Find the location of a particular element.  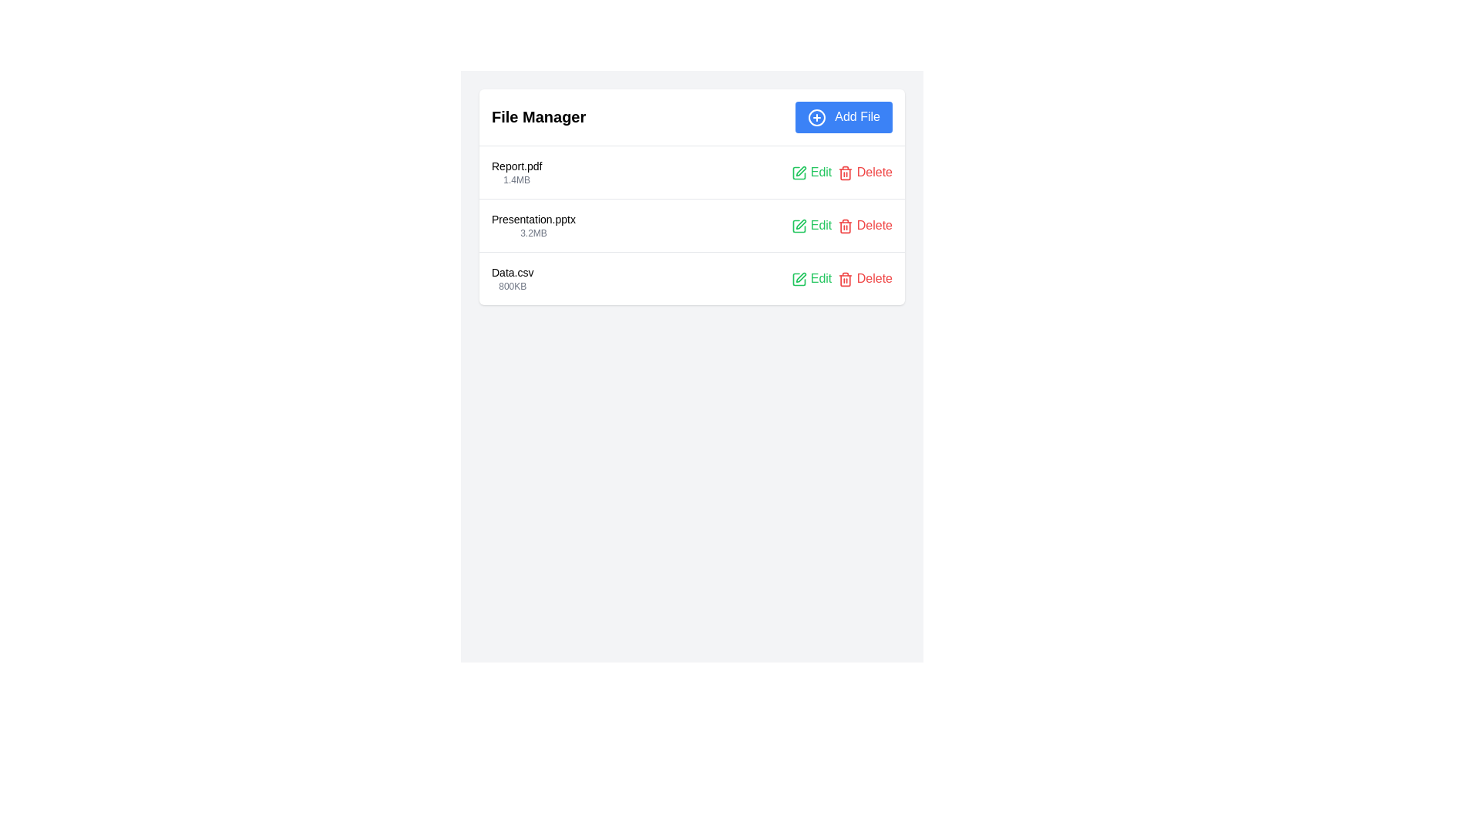

the text label that provides information about the file size of 'Data.csv', which is located below the 'Data.csv' label in the 'File Manager' section and is the third row in the list is located at coordinates (513, 286).